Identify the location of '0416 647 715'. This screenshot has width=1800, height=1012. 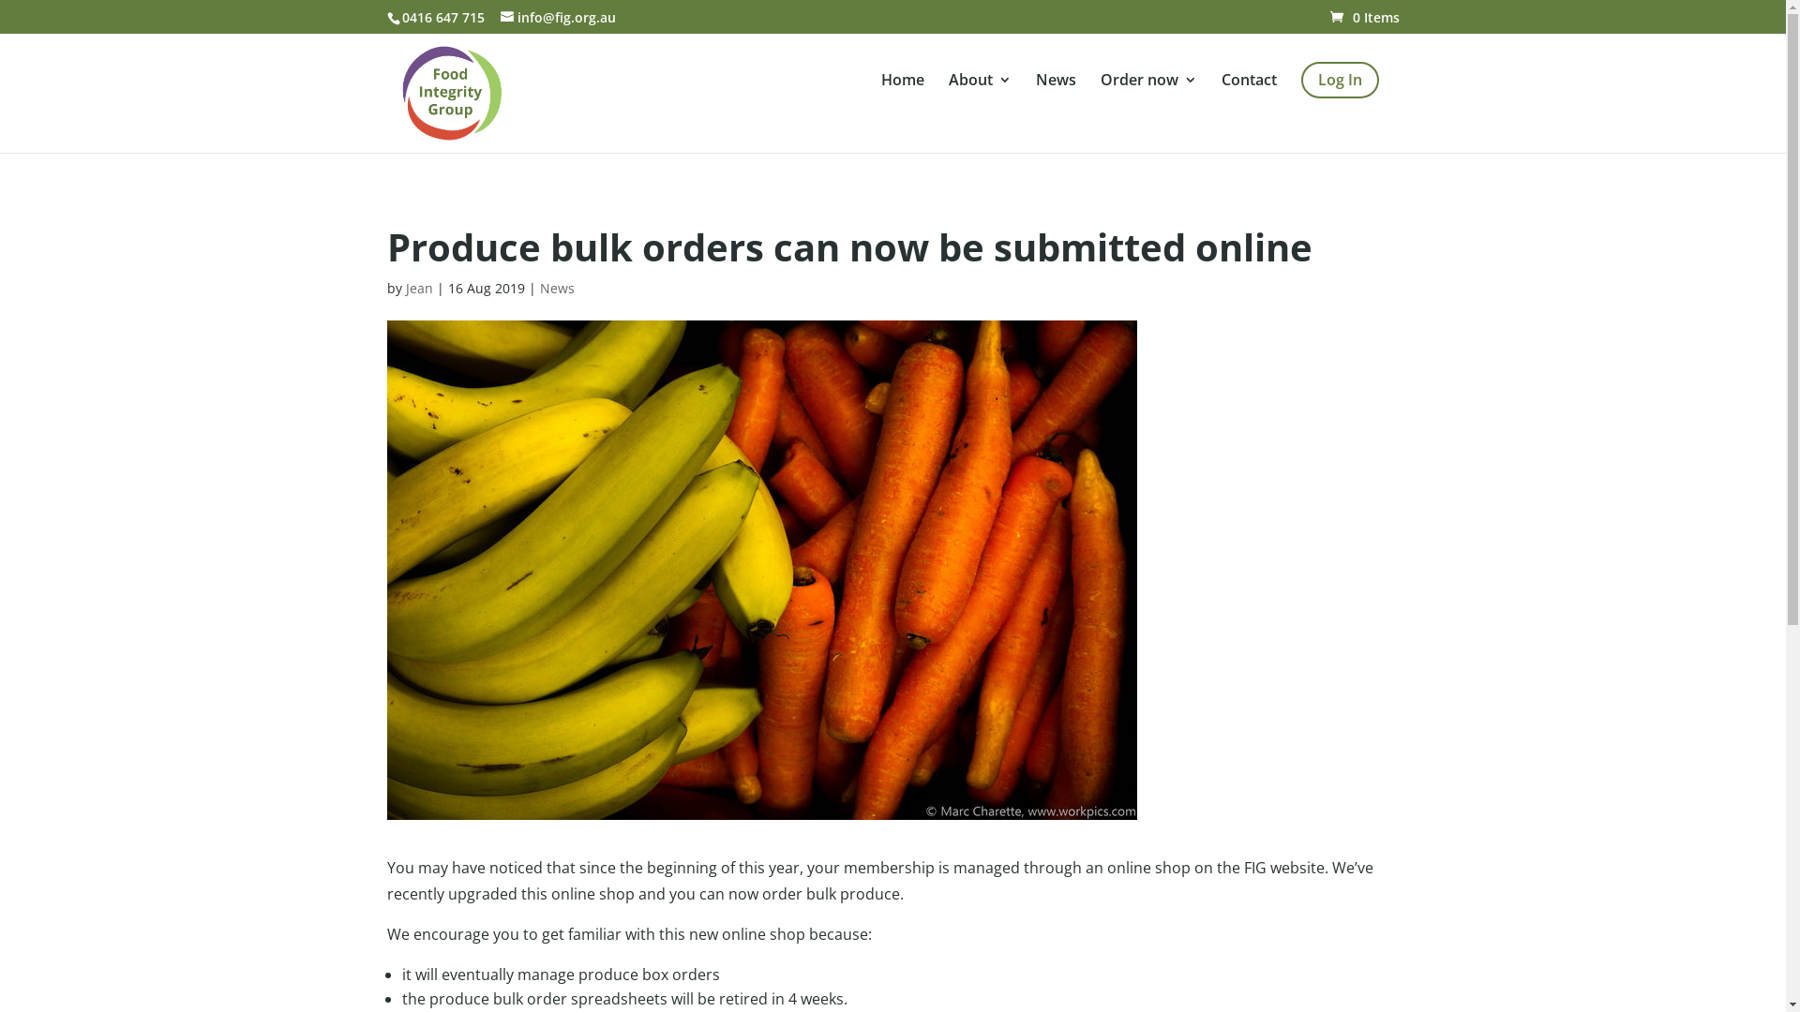
(440, 16).